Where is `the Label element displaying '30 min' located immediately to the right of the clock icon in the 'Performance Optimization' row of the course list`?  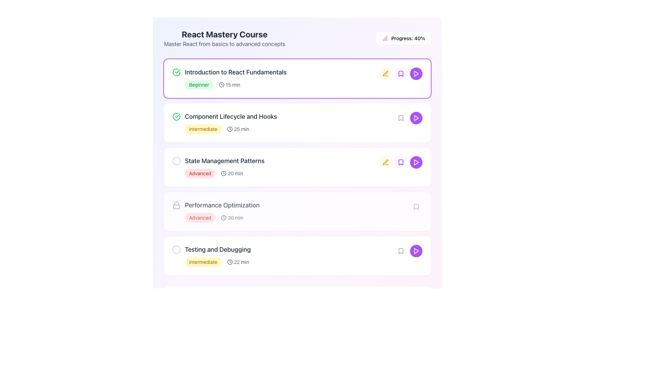 the Label element displaying '30 min' located immediately to the right of the clock icon in the 'Performance Optimization' row of the course list is located at coordinates (236, 217).